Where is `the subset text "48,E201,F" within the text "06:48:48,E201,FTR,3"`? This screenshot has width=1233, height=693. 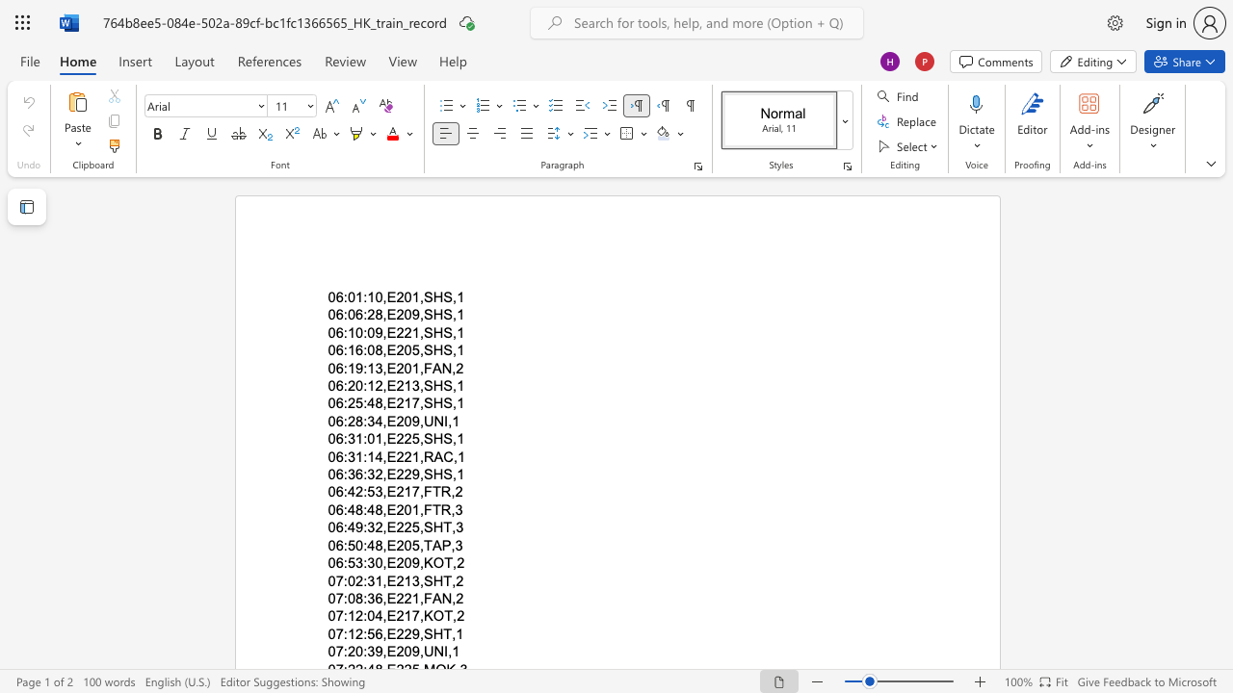
the subset text "48,E201,F" within the text "06:48:48,E201,FTR,3" is located at coordinates (367, 508).